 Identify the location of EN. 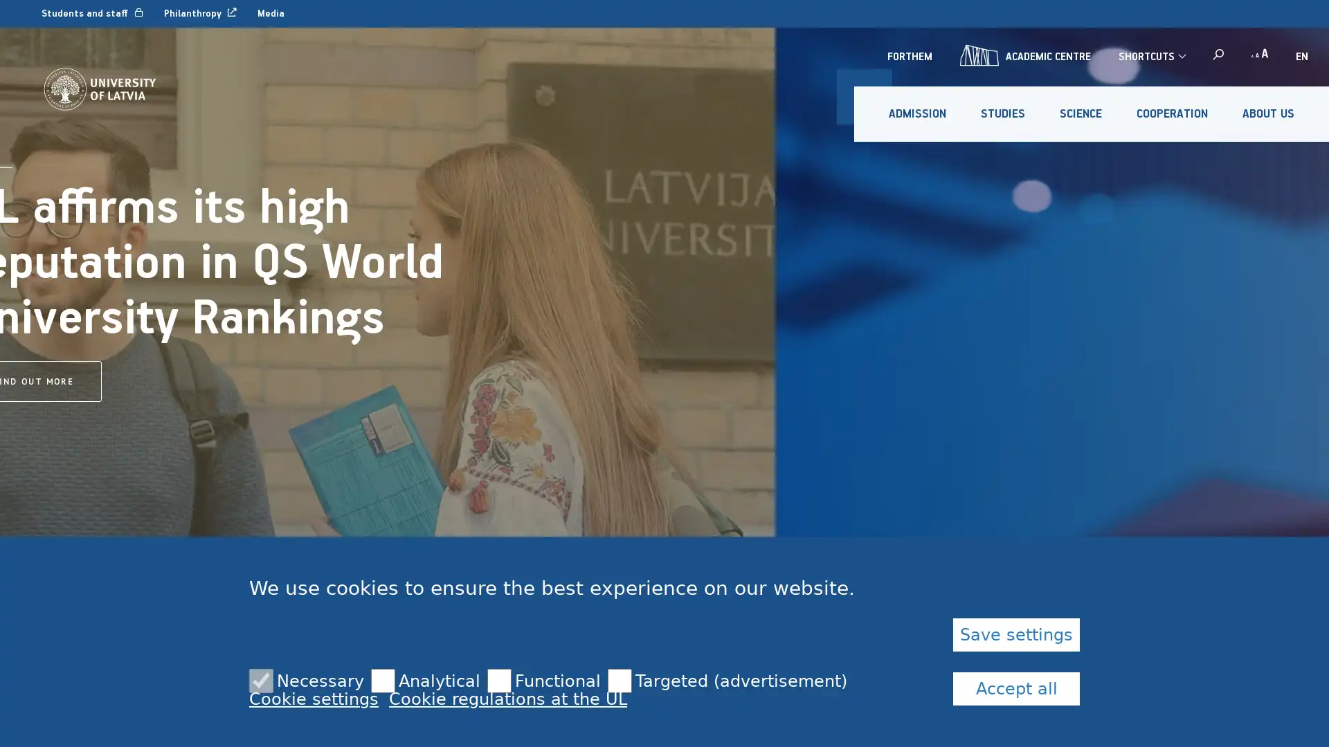
(1301, 55).